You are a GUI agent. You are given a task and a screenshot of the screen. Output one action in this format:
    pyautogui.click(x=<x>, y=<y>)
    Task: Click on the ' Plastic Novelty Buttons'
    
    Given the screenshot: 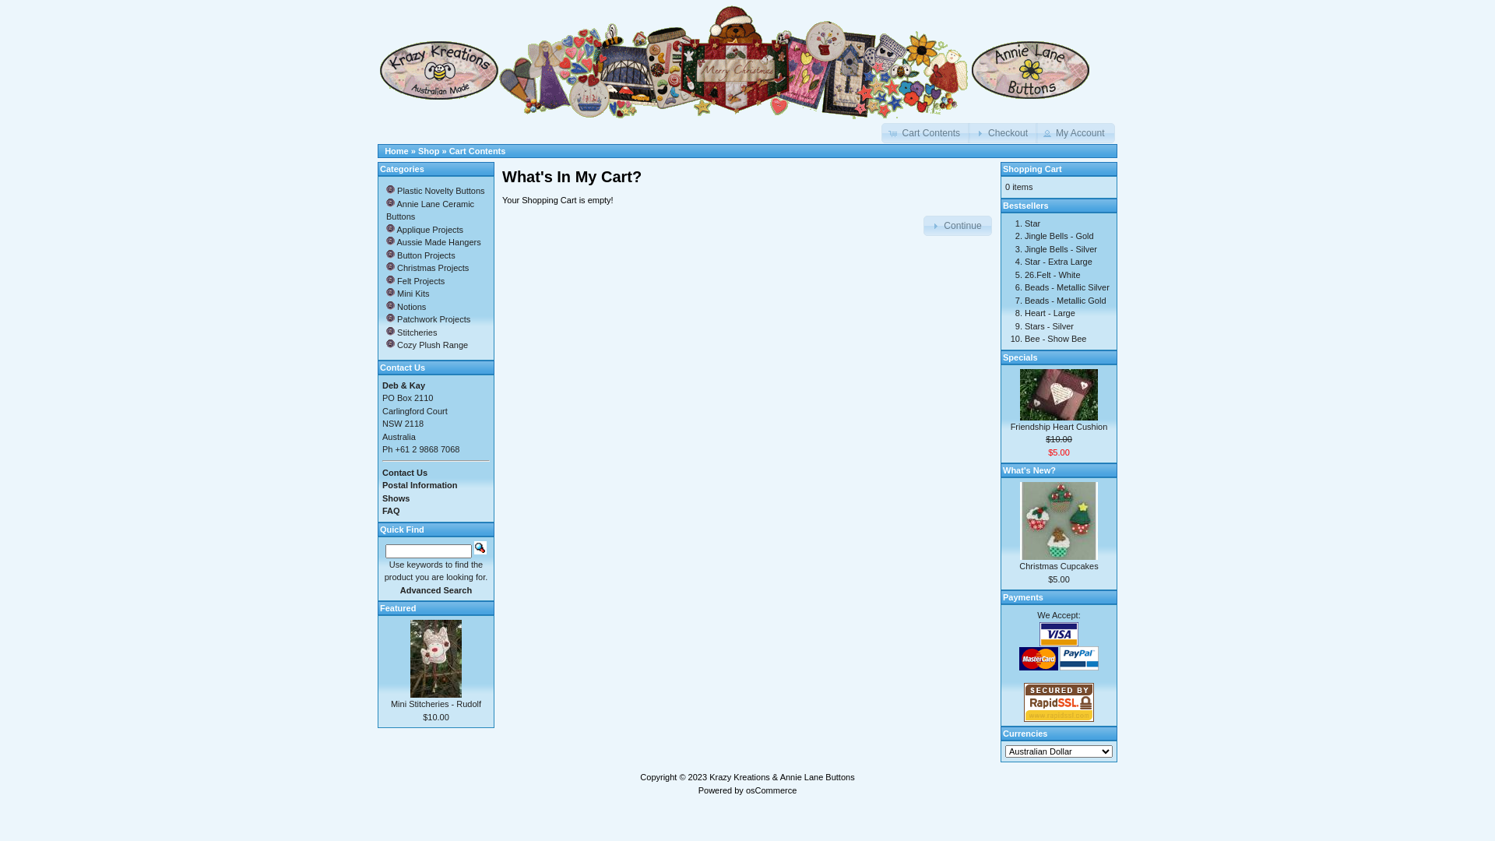 What is the action you would take?
    pyautogui.click(x=435, y=190)
    